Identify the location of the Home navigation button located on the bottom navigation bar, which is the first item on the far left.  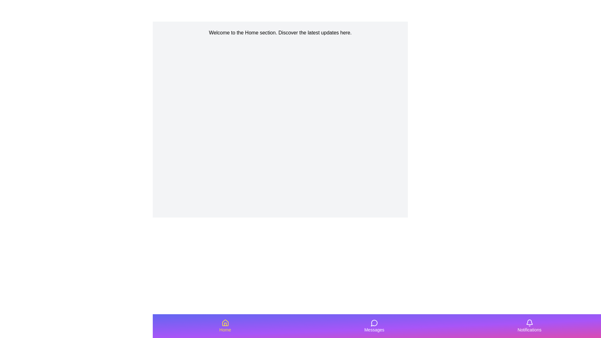
(225, 325).